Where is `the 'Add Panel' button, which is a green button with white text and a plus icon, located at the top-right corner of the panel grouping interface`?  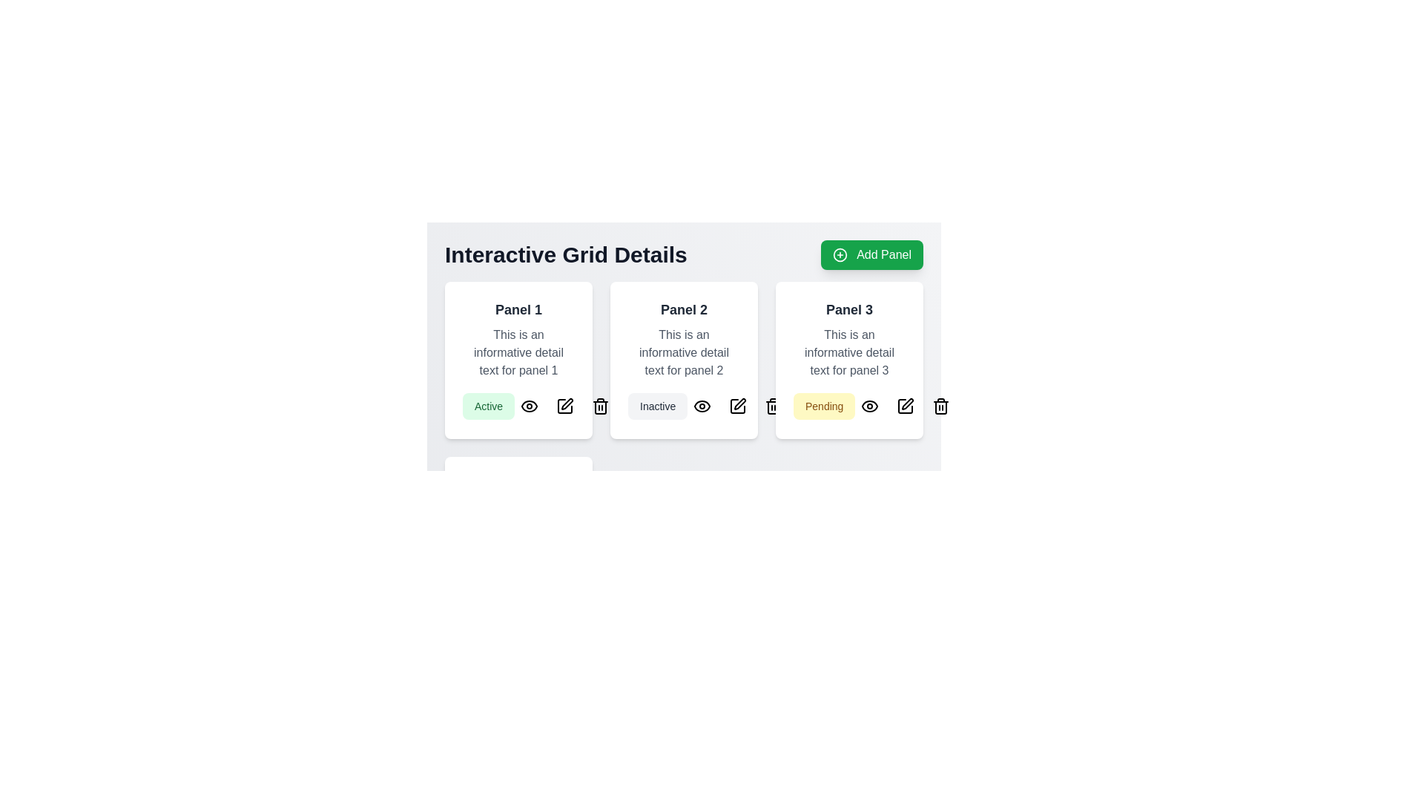 the 'Add Panel' button, which is a green button with white text and a plus icon, located at the top-right corner of the panel grouping interface is located at coordinates (872, 254).